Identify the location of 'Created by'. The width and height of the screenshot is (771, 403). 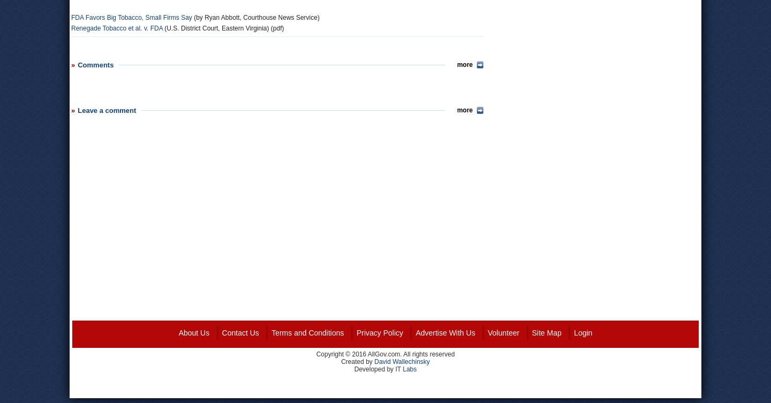
(358, 361).